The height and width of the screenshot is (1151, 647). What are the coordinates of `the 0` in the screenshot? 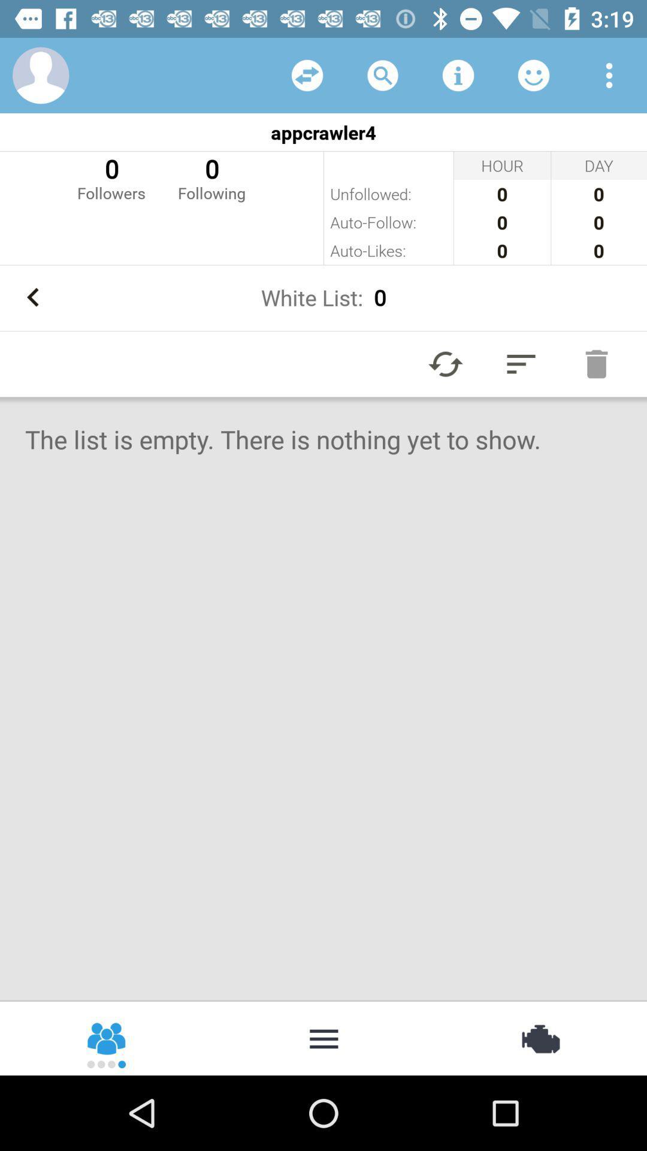 It's located at (111, 177).